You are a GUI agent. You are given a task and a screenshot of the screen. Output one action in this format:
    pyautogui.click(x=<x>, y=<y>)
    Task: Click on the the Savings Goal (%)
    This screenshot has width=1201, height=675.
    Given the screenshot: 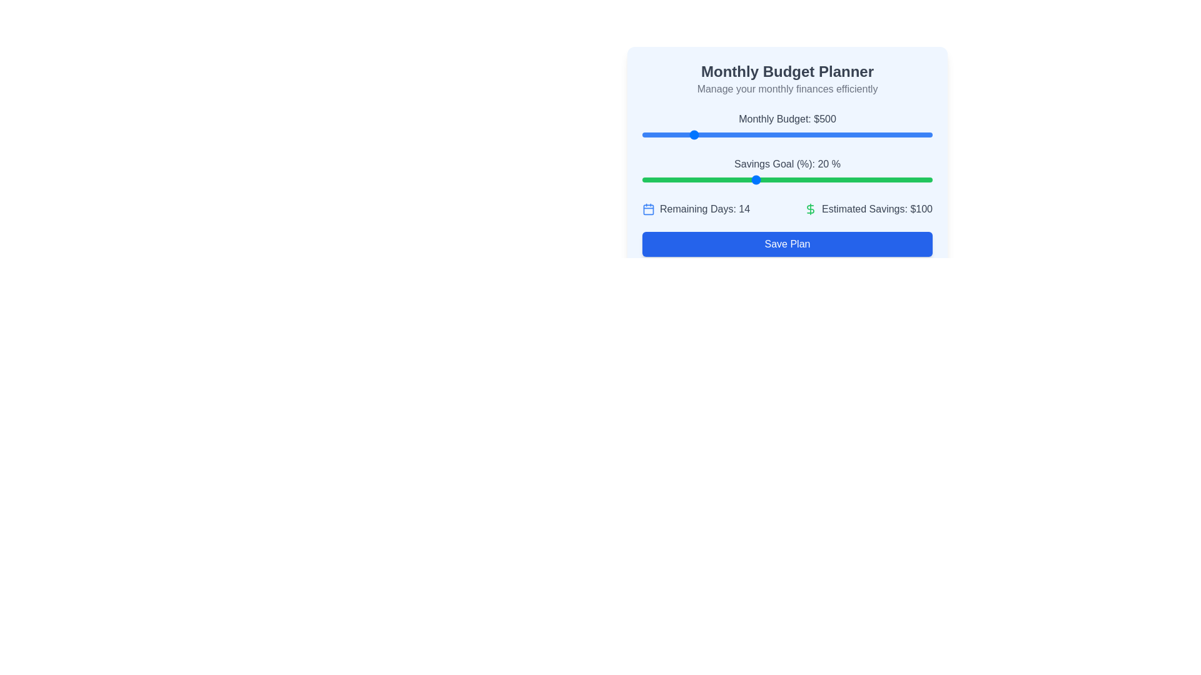 What is the action you would take?
    pyautogui.click(x=861, y=180)
    